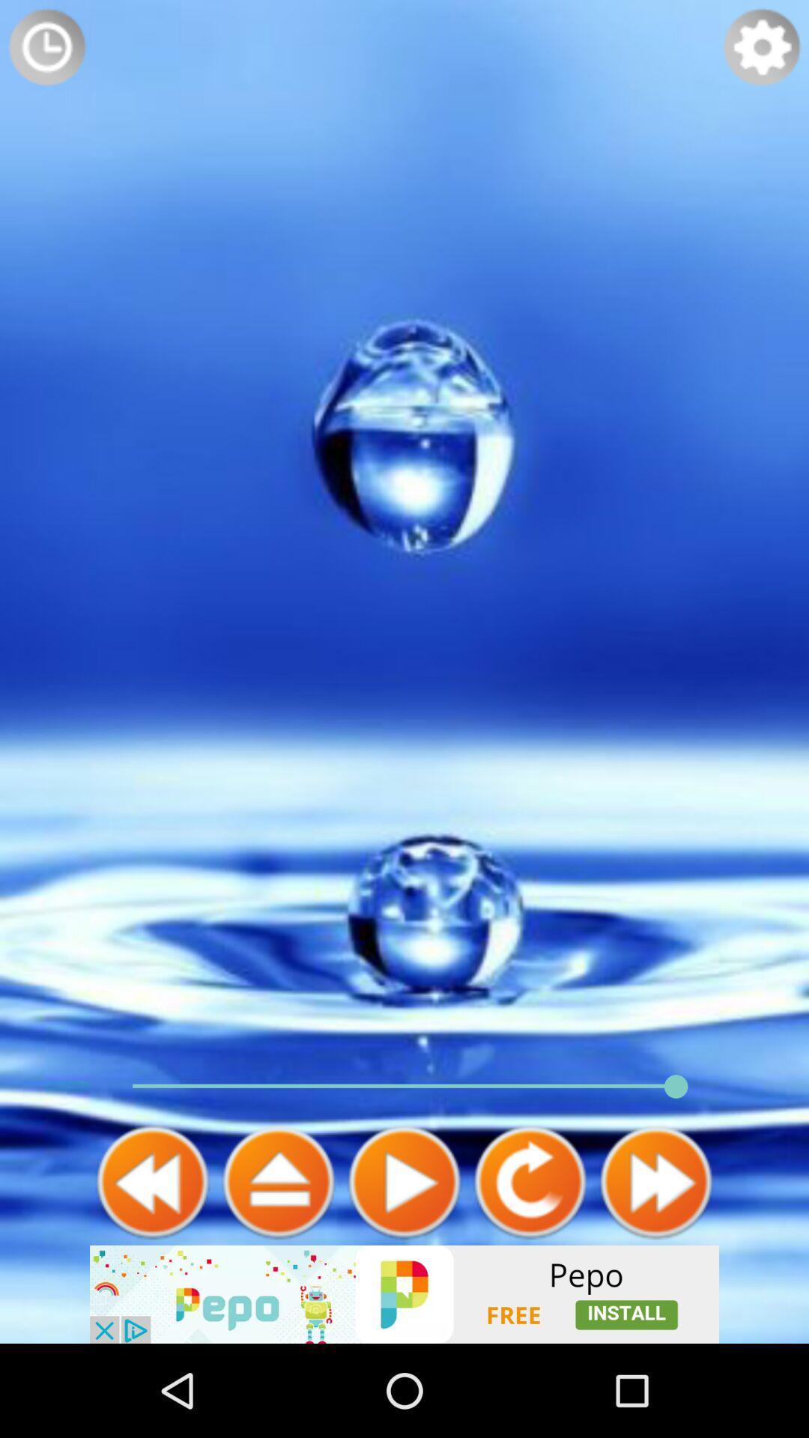 Image resolution: width=809 pixels, height=1438 pixels. I want to click on the time icon, so click(46, 50).